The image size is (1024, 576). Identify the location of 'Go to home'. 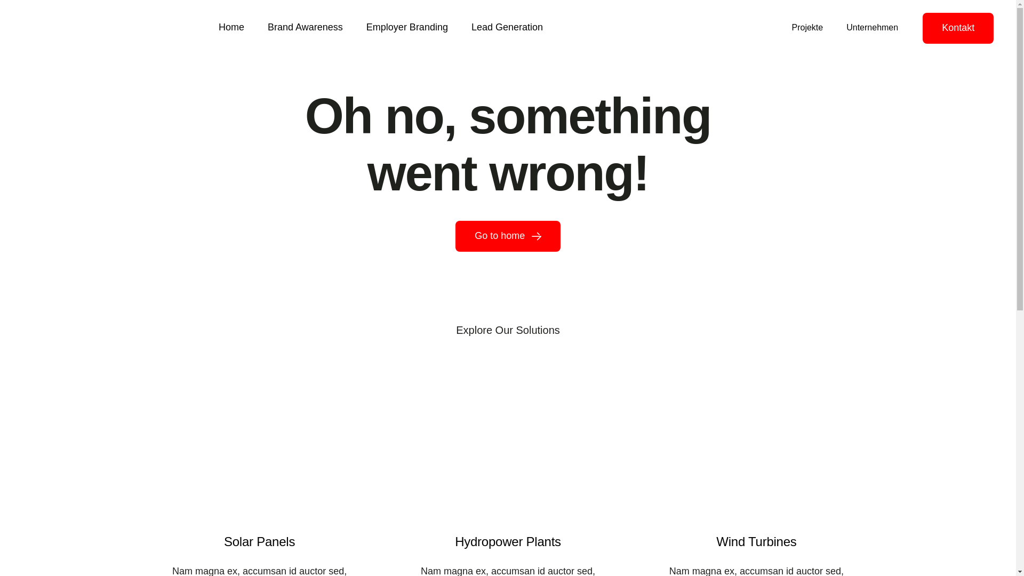
(455, 236).